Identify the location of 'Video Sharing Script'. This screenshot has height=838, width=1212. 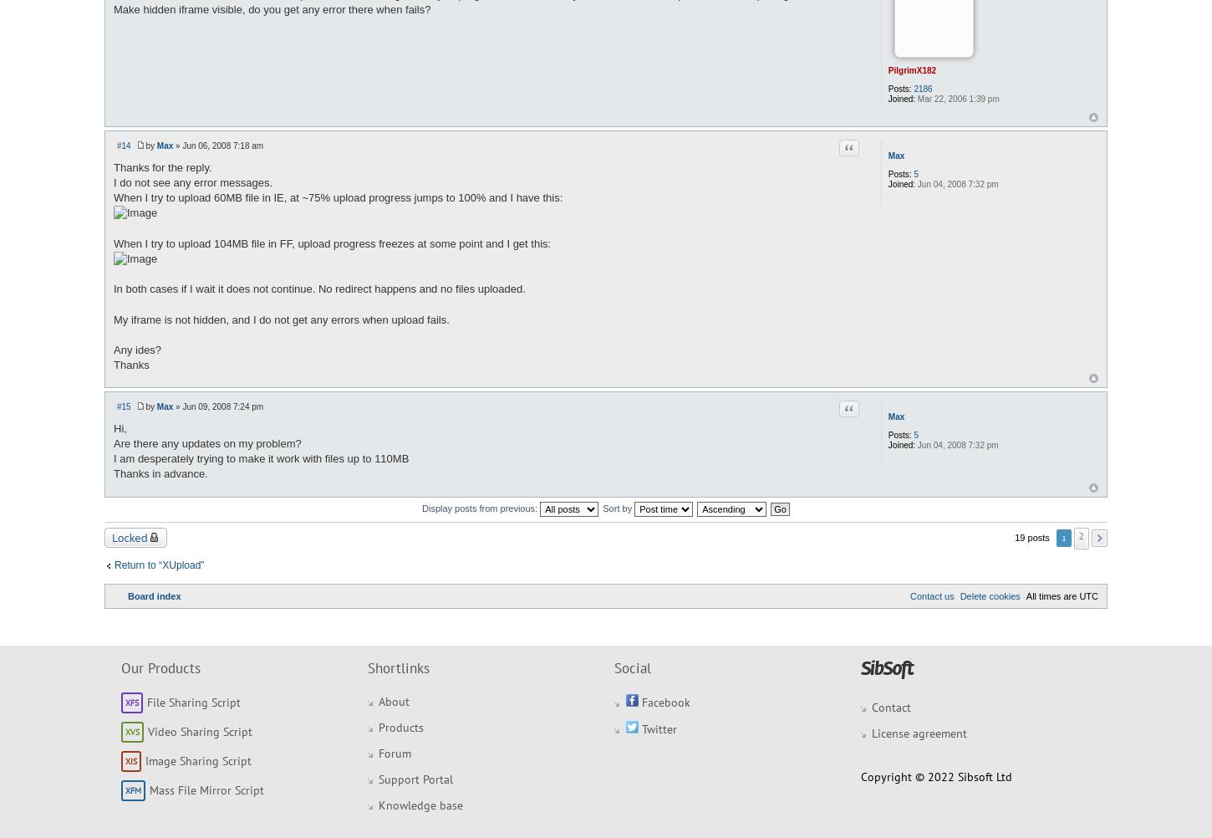
(199, 731).